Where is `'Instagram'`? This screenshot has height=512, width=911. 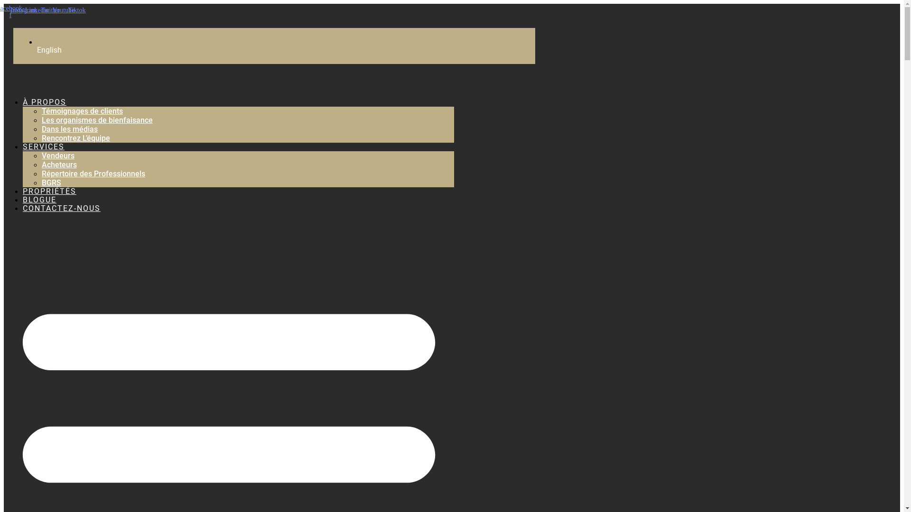 'Instagram' is located at coordinates (23, 10).